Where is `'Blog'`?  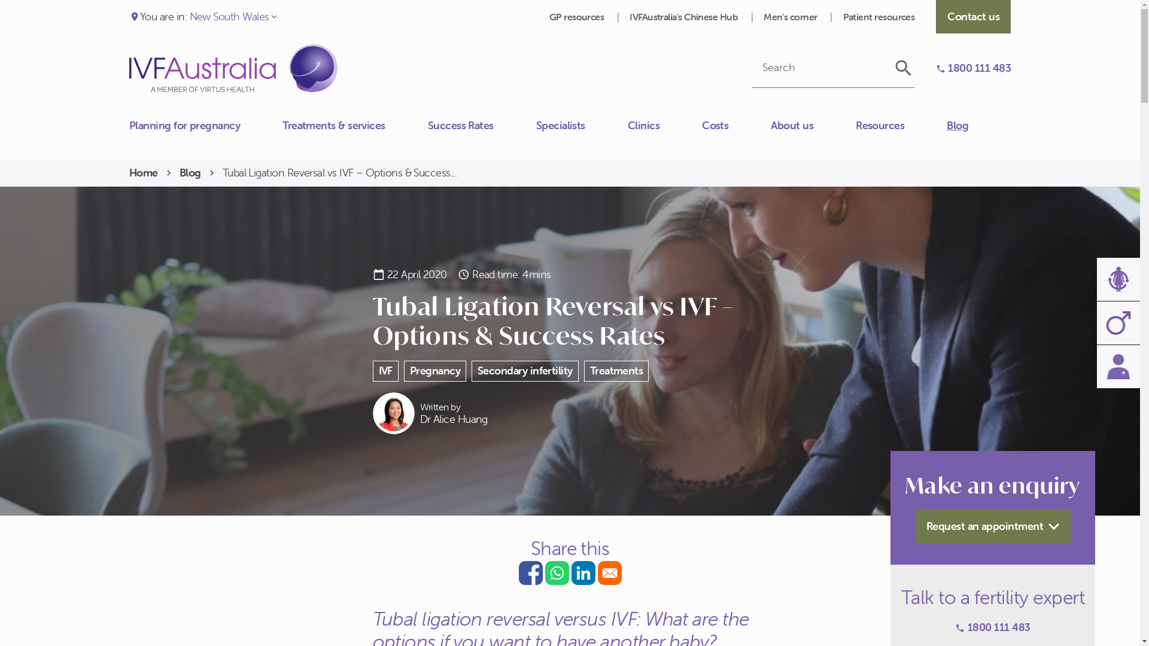 'Blog' is located at coordinates (189, 173).